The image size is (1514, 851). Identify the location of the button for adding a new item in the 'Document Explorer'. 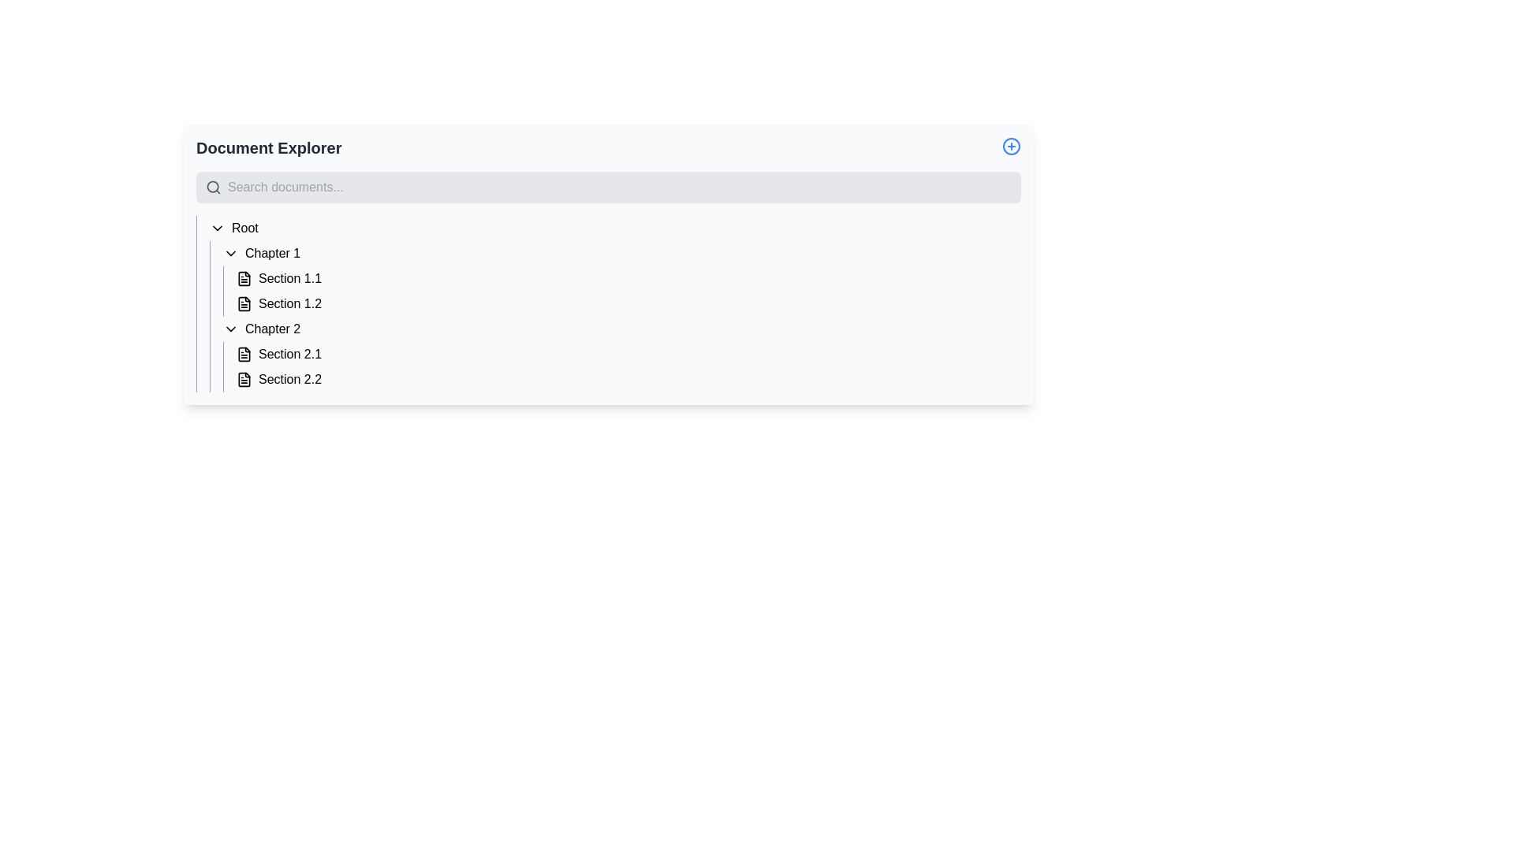
(1011, 146).